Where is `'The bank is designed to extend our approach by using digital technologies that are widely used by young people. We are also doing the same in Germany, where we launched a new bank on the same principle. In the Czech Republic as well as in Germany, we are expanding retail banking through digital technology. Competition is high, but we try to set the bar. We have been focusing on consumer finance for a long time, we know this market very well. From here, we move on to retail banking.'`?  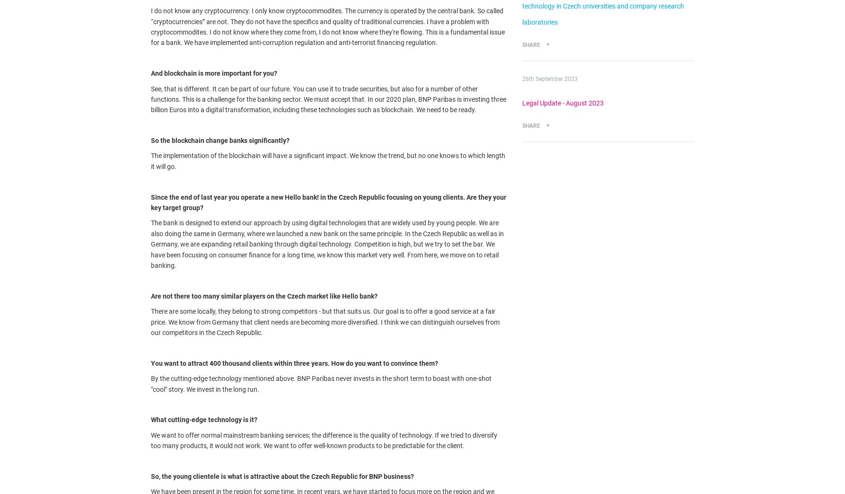
'The bank is designed to extend our approach by using digital technologies that are widely used by young people. We are also doing the same in Germany, where we launched a new bank on the same principle. In the Czech Republic as well as in Germany, we are expanding retail banking through digital technology. Competition is high, but we try to set the bar. We have been focusing on consumer finance for a long time, we know this market very well. From here, we move on to retail banking.' is located at coordinates (327, 244).